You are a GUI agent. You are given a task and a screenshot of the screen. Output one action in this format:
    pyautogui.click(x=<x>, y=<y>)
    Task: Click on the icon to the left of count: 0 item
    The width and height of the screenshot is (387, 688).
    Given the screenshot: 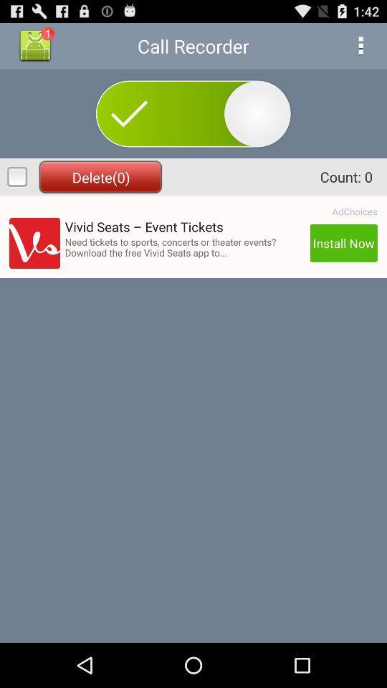 What is the action you would take?
    pyautogui.click(x=100, y=176)
    